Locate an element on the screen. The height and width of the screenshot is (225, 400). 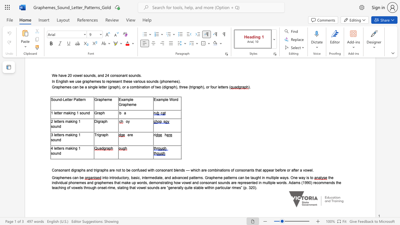
the subset text "hemes" within the text "the individual phonemes and graphemes that make up words," is located at coordinates (102, 182).